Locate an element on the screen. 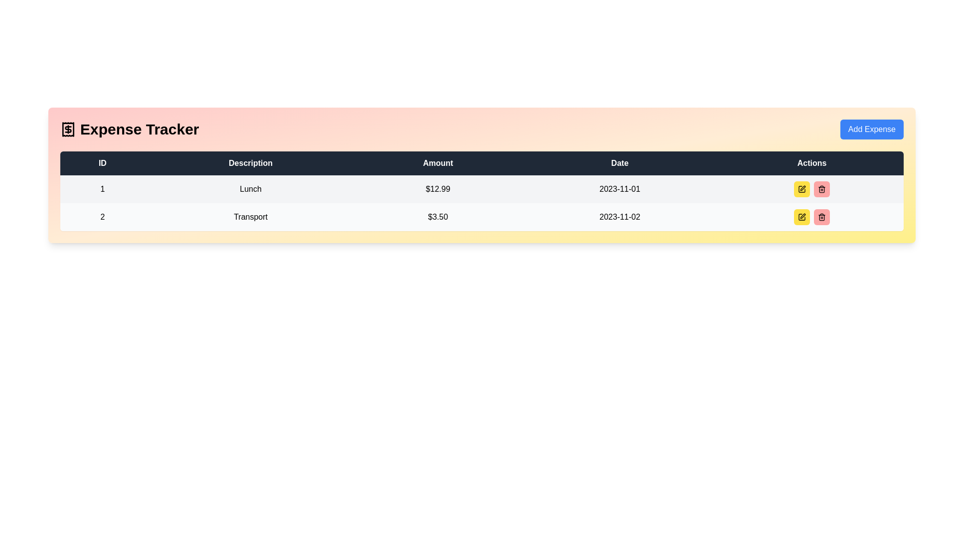  the static text element that identifies the item 'Lunch' in the first row of the table under the 'ID' column is located at coordinates (102, 189).